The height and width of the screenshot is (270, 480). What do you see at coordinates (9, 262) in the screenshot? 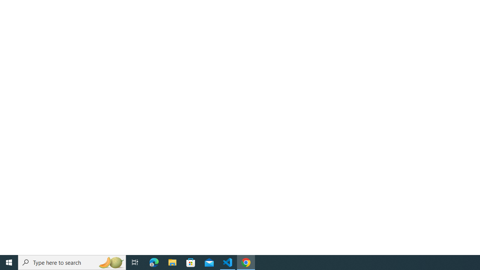
I see `'Start'` at bounding box center [9, 262].